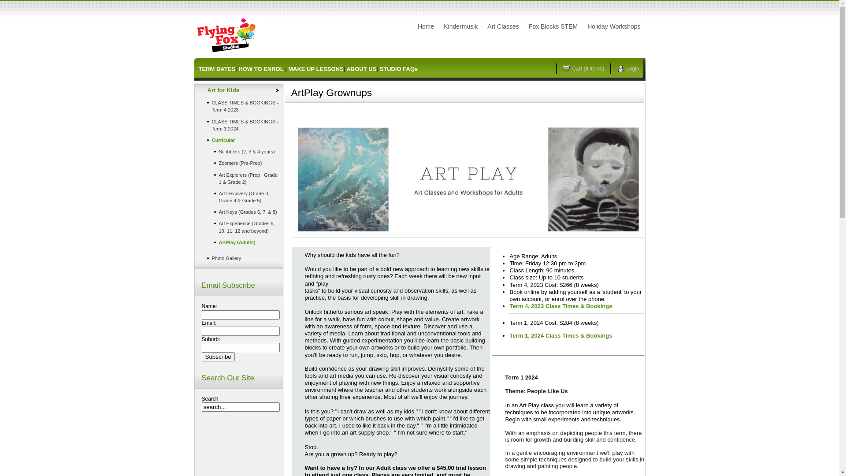 This screenshot has width=846, height=476. I want to click on 'TERM DATES', so click(198, 68).